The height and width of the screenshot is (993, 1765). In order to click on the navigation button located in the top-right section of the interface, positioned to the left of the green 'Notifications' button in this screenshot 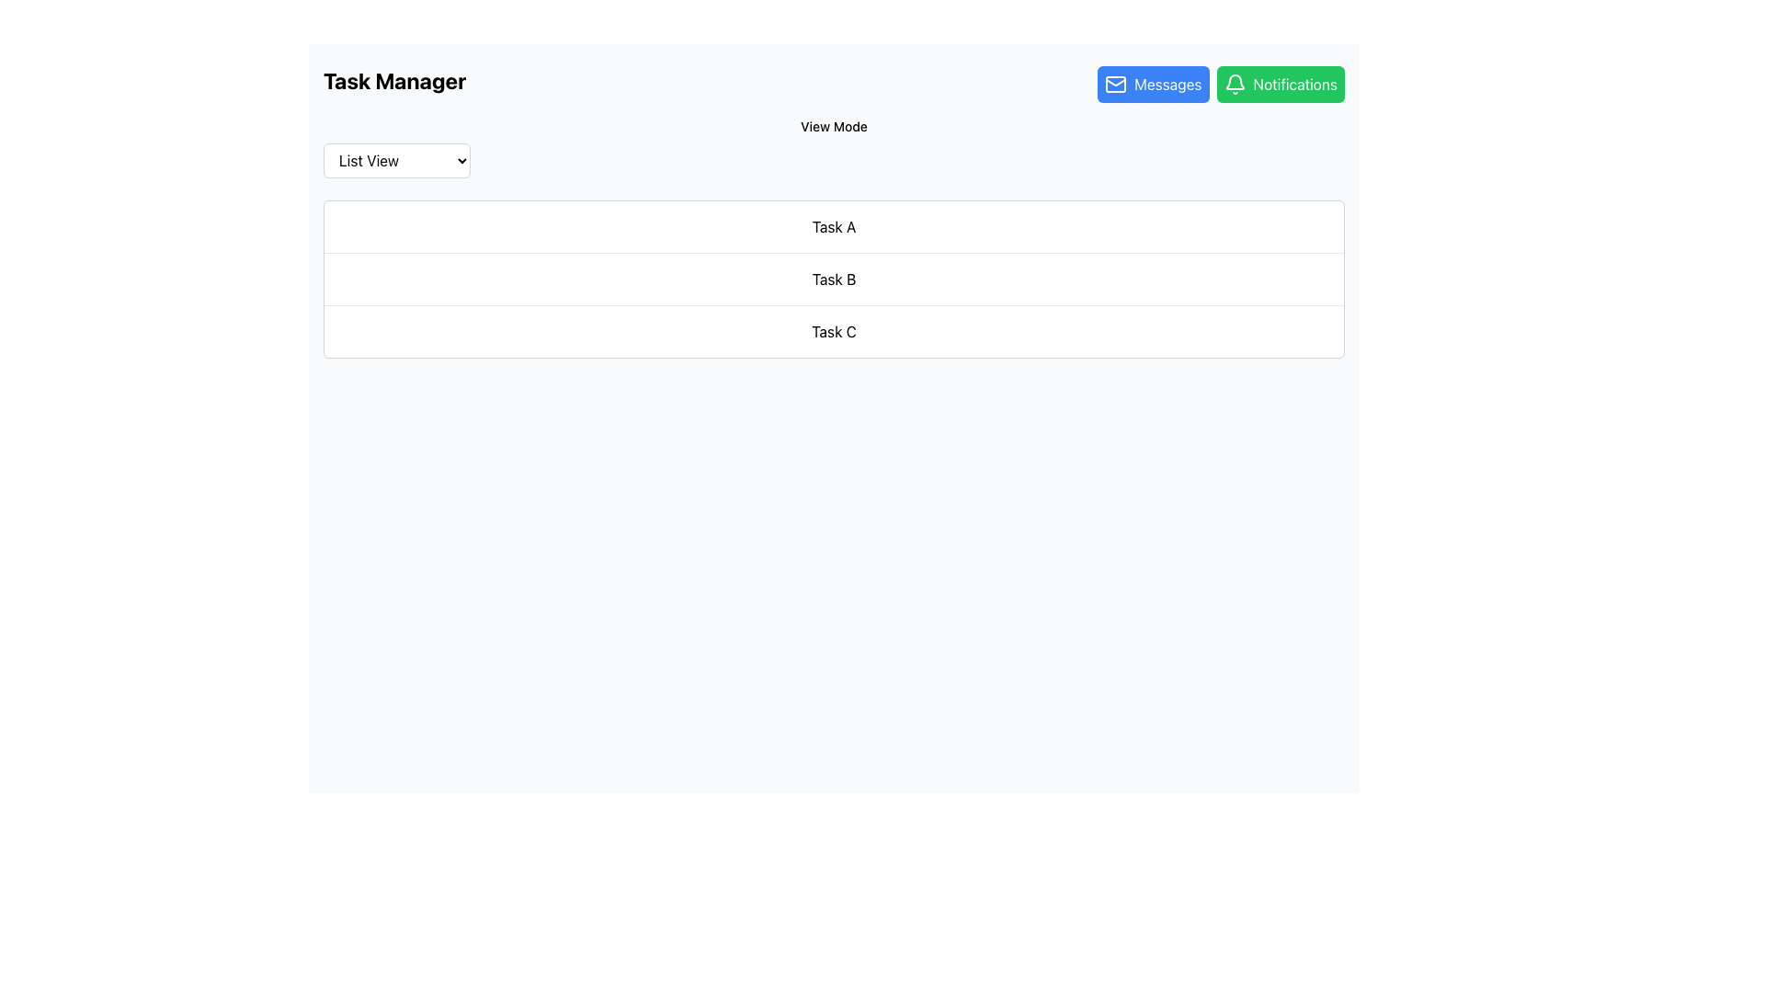, I will do `click(1152, 85)`.